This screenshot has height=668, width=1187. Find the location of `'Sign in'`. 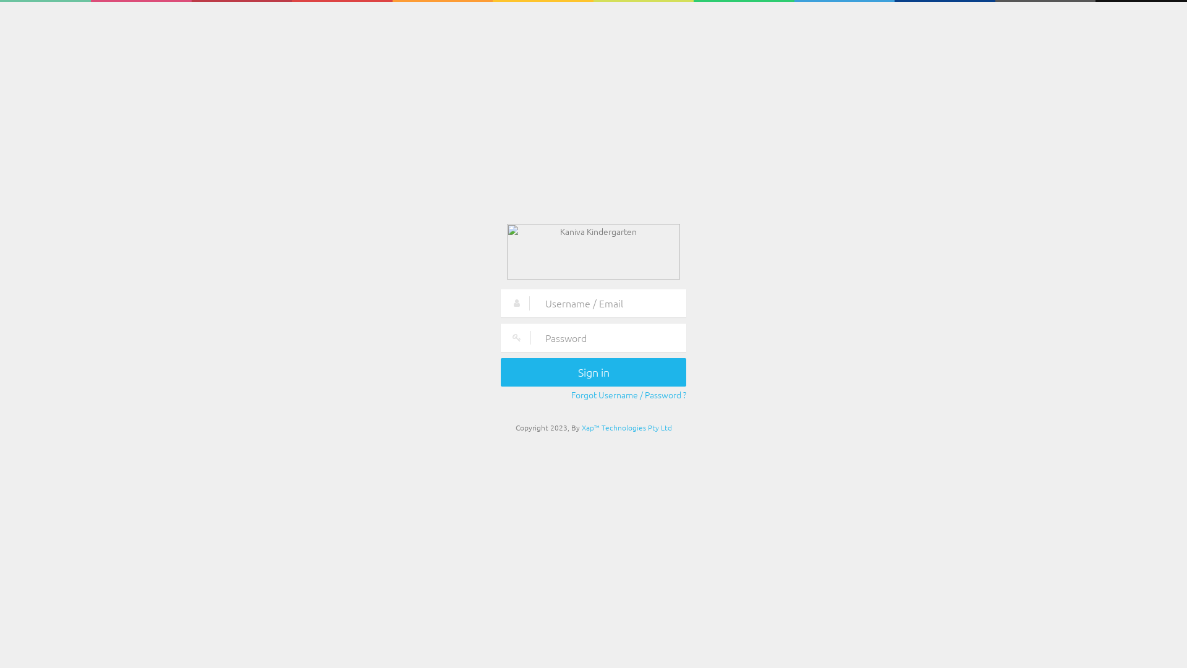

'Sign in' is located at coordinates (593, 371).